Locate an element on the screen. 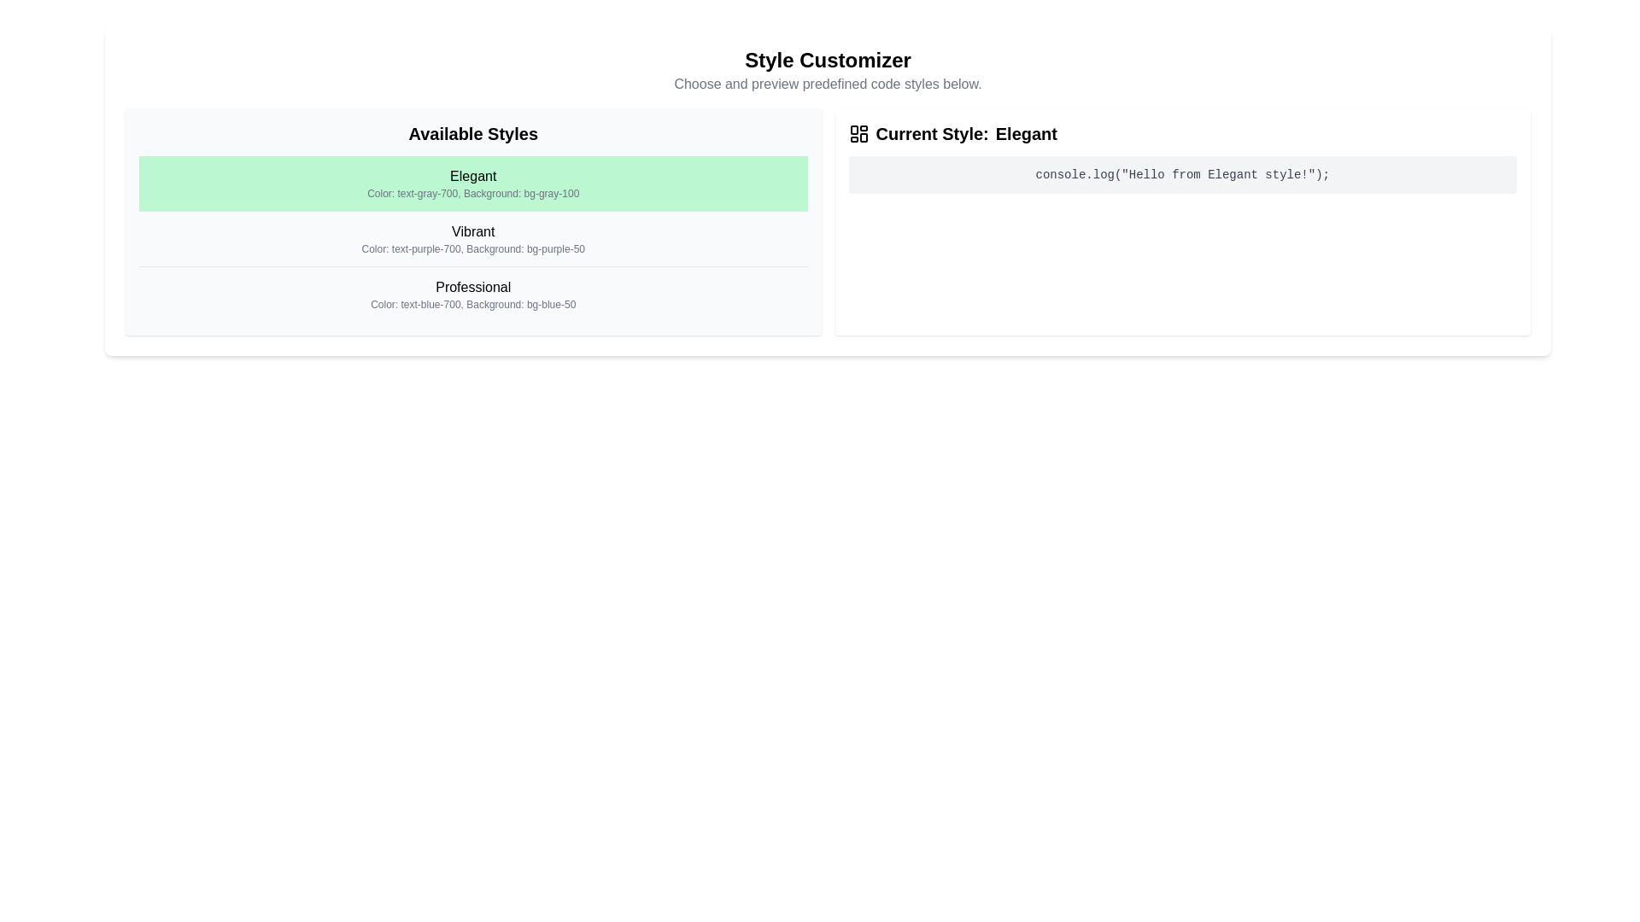 This screenshot has height=922, width=1640. the content of the main heading text element located at the top center of the interface, which serves as the title indicating the purpose of the following content is located at coordinates (828, 59).